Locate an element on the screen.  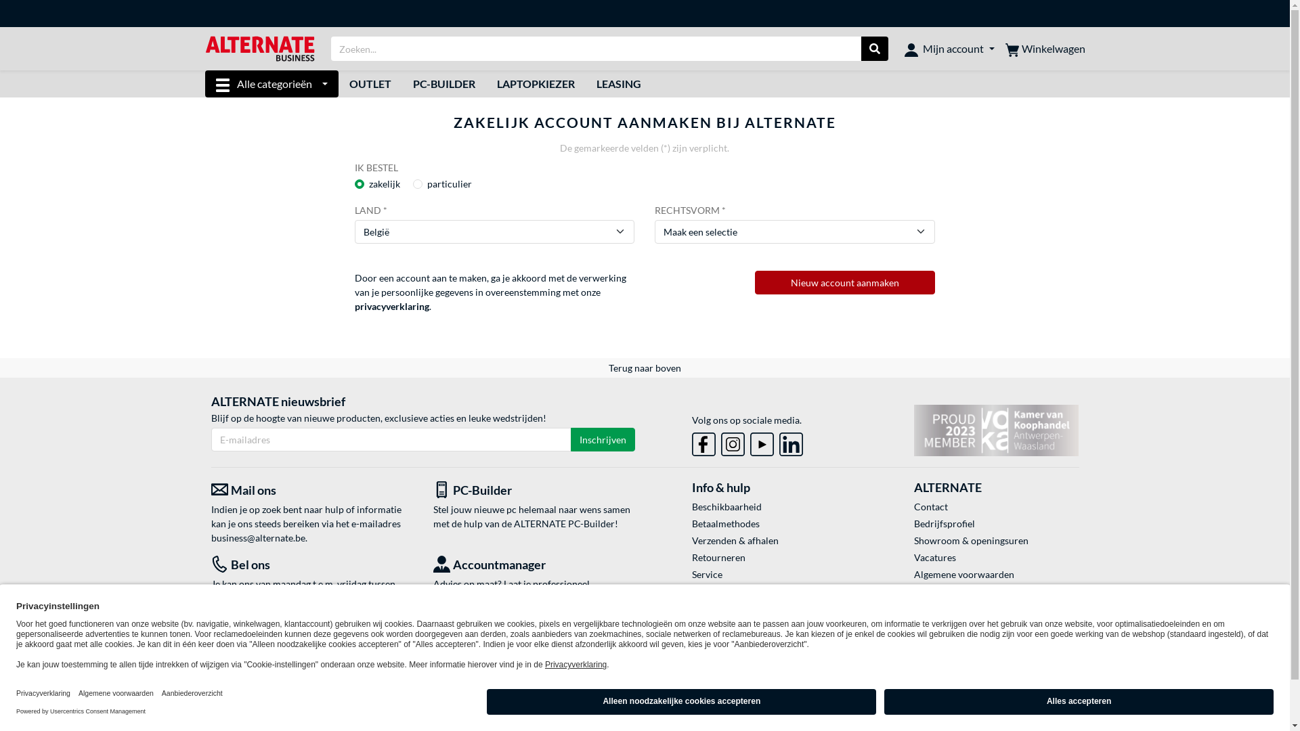
'Betaalmethodes' is located at coordinates (774, 523).